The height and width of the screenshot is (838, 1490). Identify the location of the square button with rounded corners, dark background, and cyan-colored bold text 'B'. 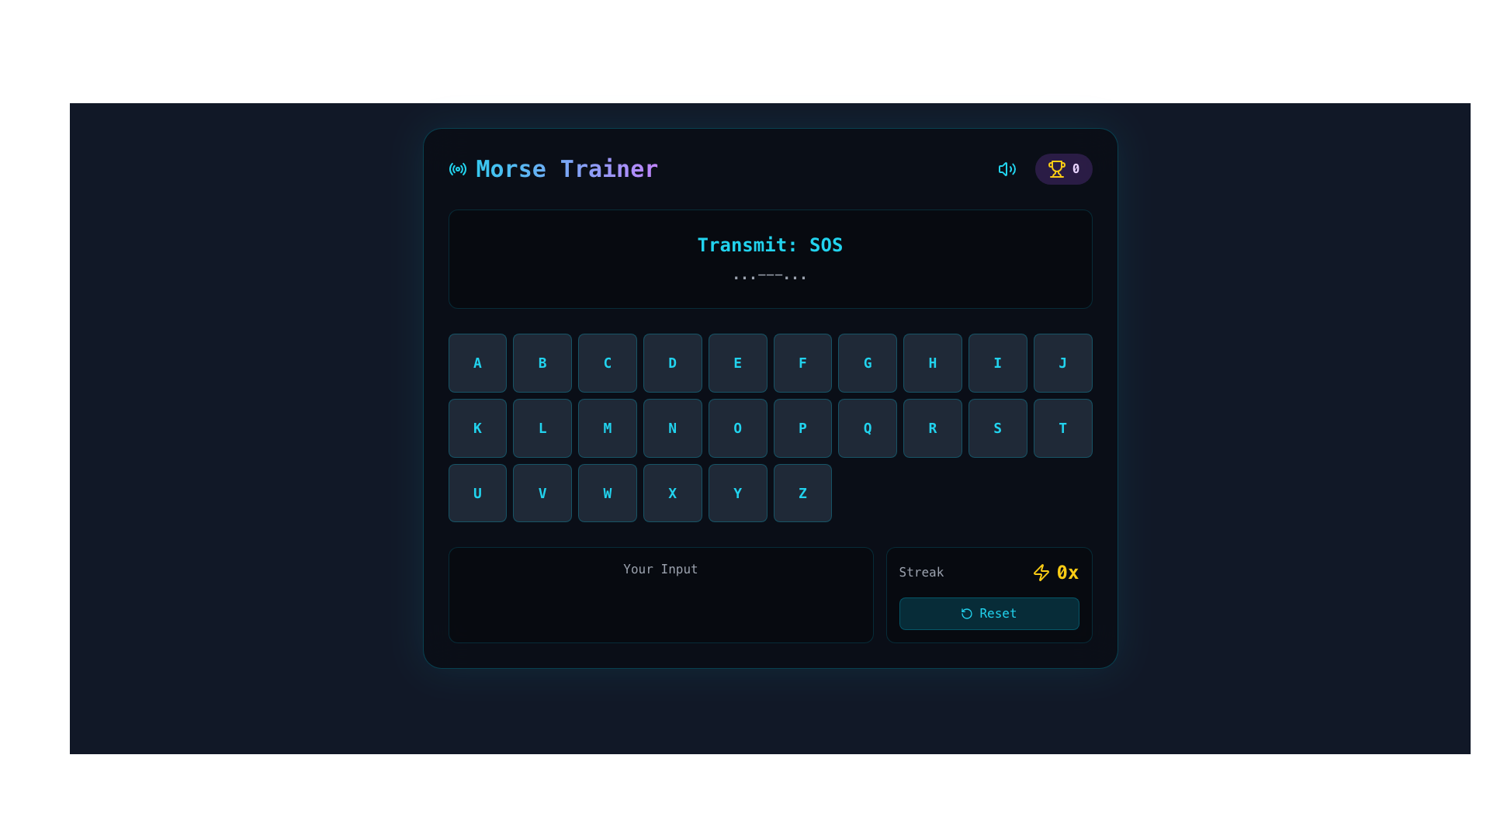
(542, 362).